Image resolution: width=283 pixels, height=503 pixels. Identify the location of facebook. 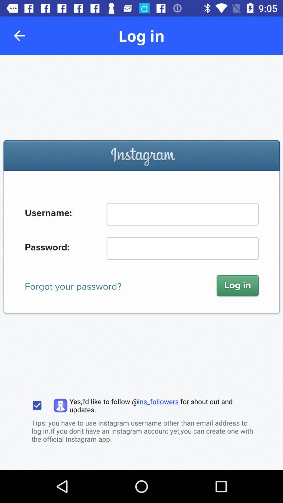
(141, 263).